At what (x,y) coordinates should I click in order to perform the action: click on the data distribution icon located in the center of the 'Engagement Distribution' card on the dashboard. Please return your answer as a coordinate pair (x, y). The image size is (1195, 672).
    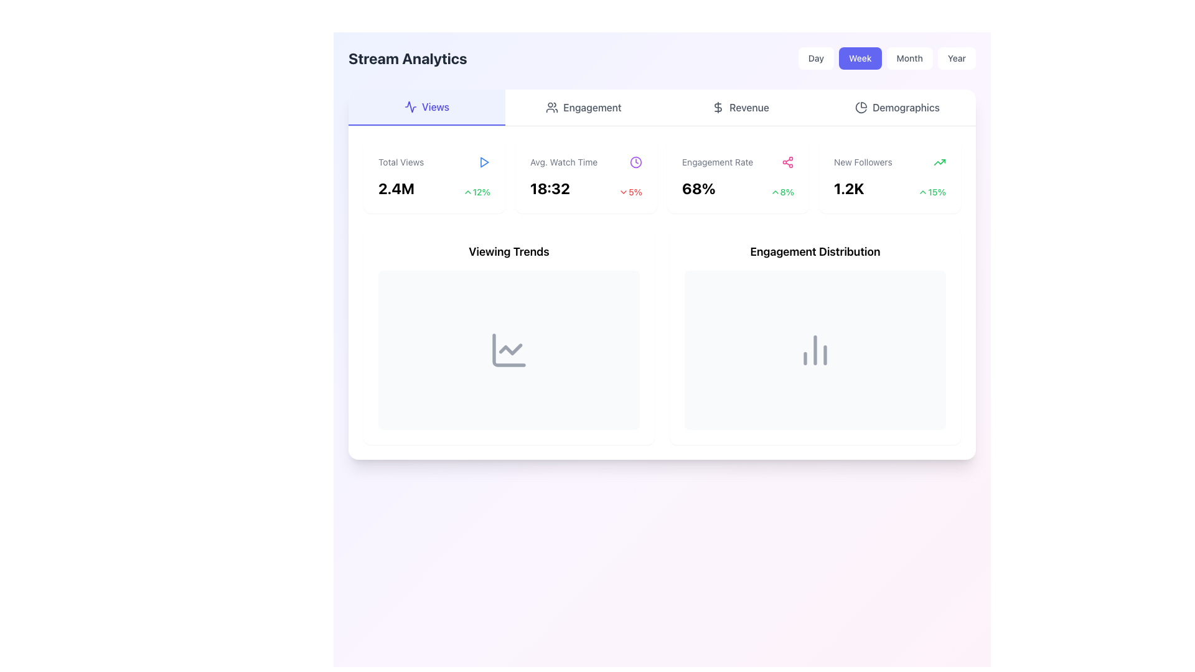
    Looking at the image, I should click on (815, 350).